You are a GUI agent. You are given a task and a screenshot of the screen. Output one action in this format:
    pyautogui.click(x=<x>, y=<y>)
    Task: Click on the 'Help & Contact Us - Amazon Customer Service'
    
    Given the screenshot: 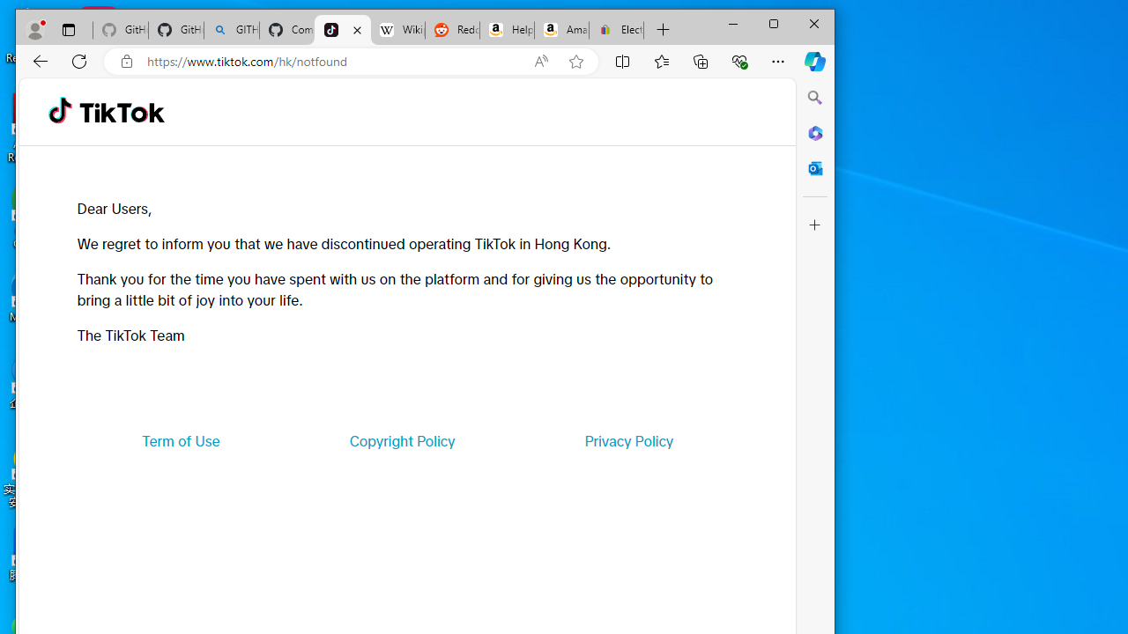 What is the action you would take?
    pyautogui.click(x=506, y=30)
    